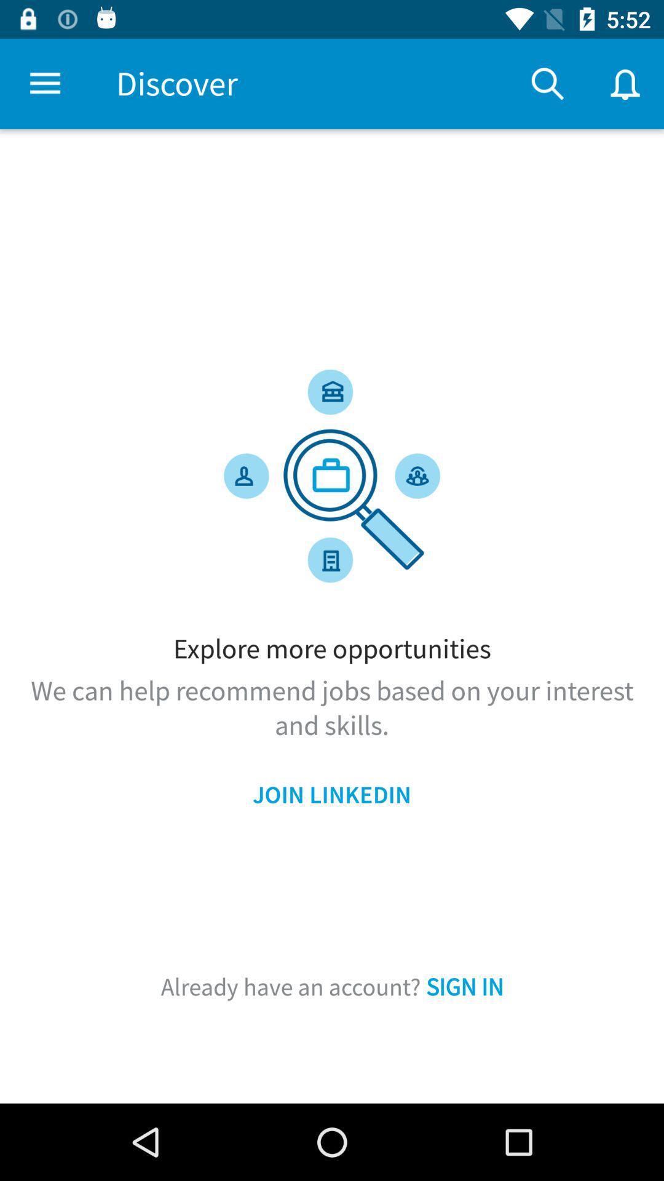  Describe the element at coordinates (547, 83) in the screenshot. I see `item above explore more opportunities item` at that location.